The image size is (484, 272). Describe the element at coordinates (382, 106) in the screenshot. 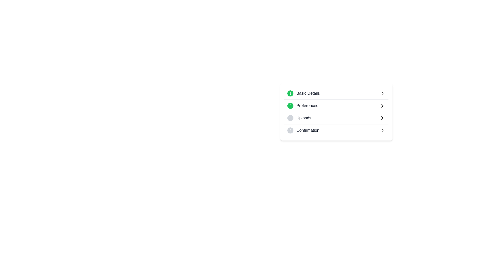

I see `the black rightward-pointing chevron icon located to the right of the '2 Preferences' row` at that location.